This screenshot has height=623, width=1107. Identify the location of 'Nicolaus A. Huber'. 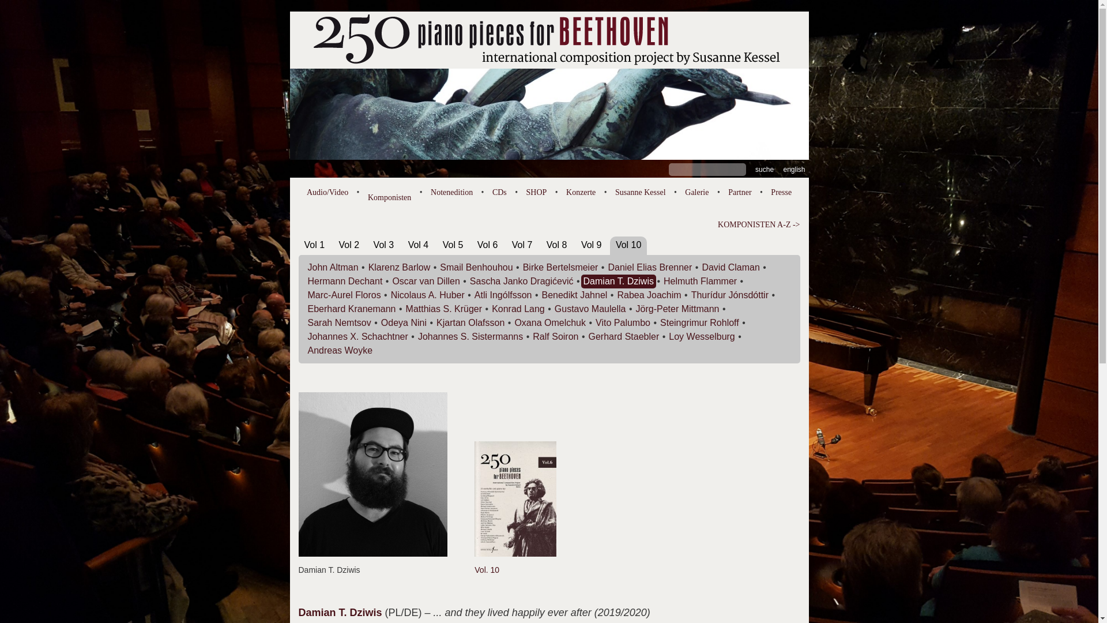
(390, 294).